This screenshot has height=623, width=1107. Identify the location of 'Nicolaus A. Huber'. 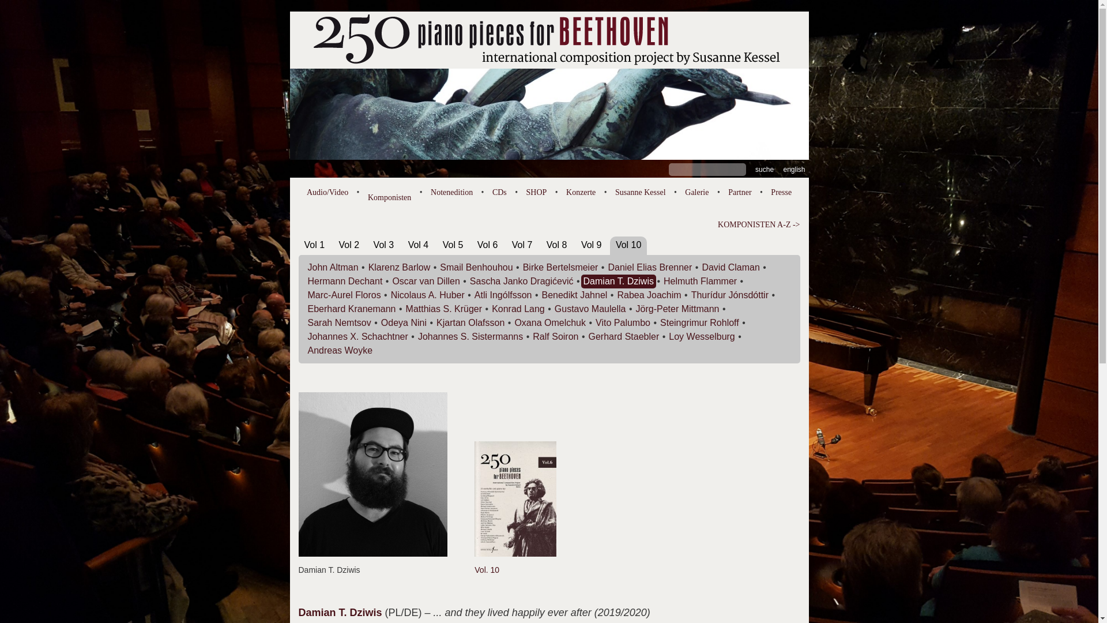
(390, 294).